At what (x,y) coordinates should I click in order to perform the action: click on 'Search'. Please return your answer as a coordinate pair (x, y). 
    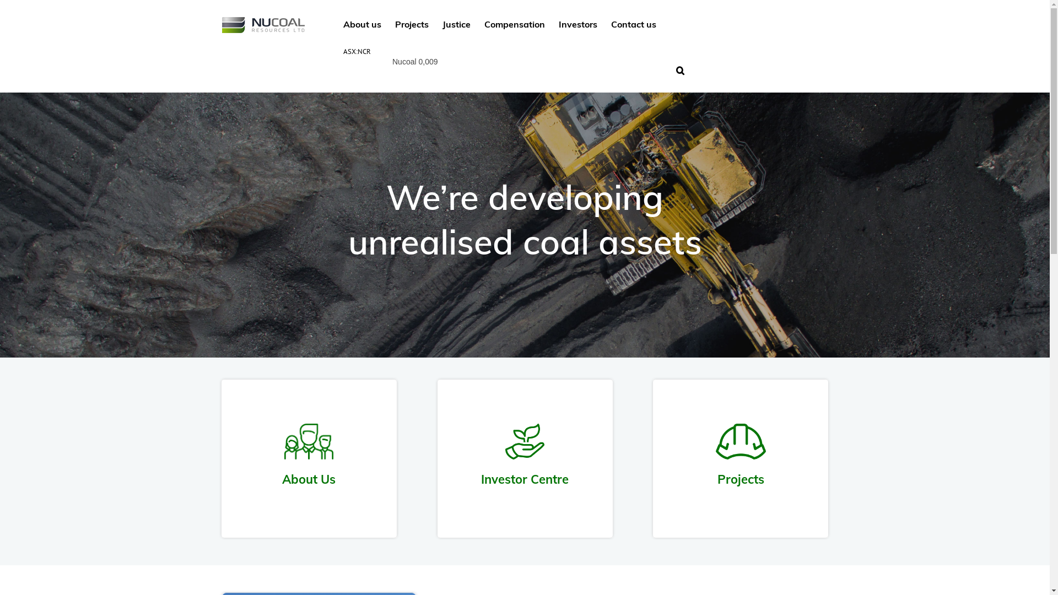
    Looking at the image, I should click on (679, 69).